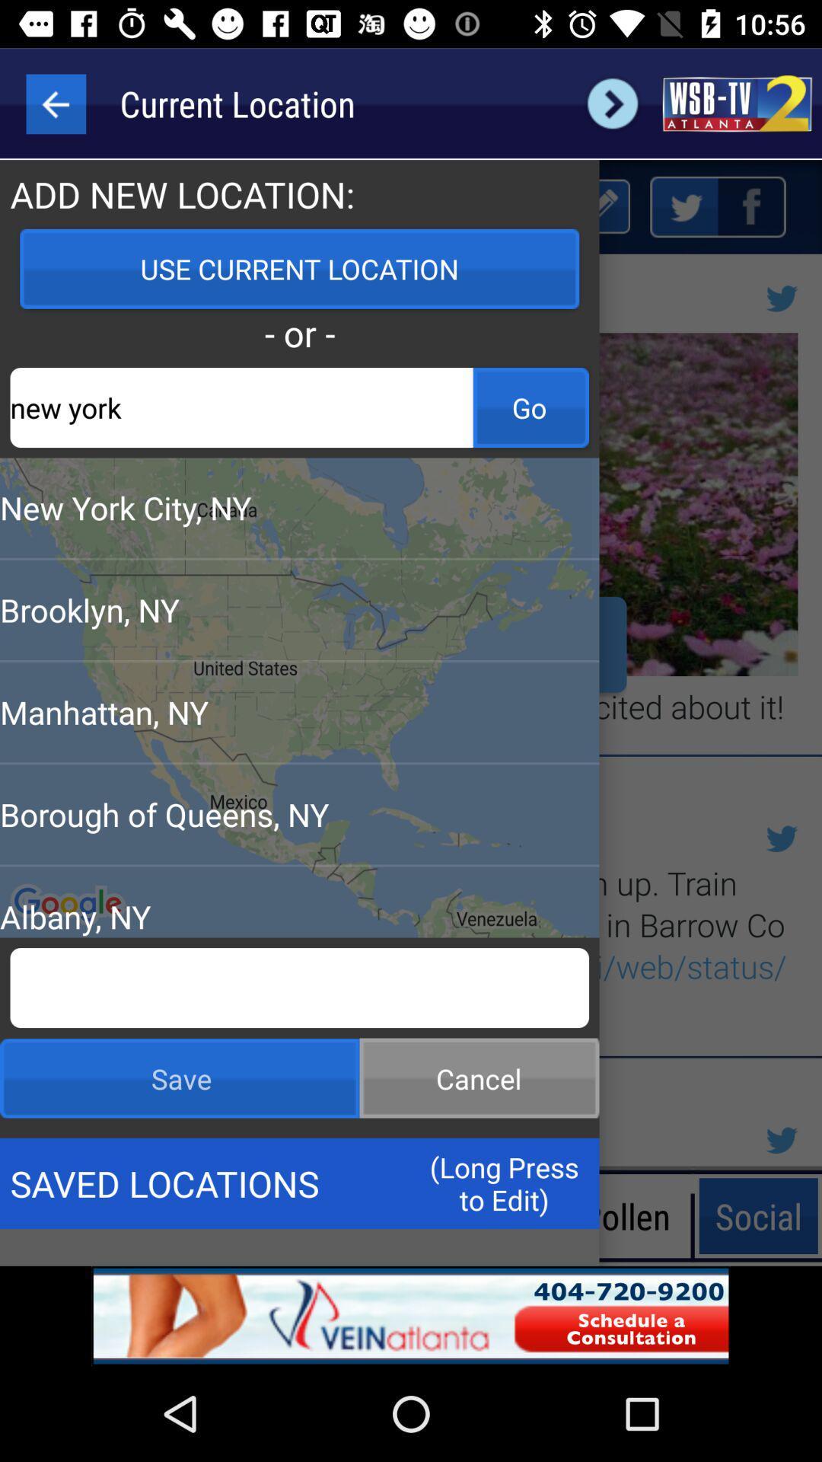  What do you see at coordinates (612, 103) in the screenshot?
I see `the arrow_forward icon` at bounding box center [612, 103].